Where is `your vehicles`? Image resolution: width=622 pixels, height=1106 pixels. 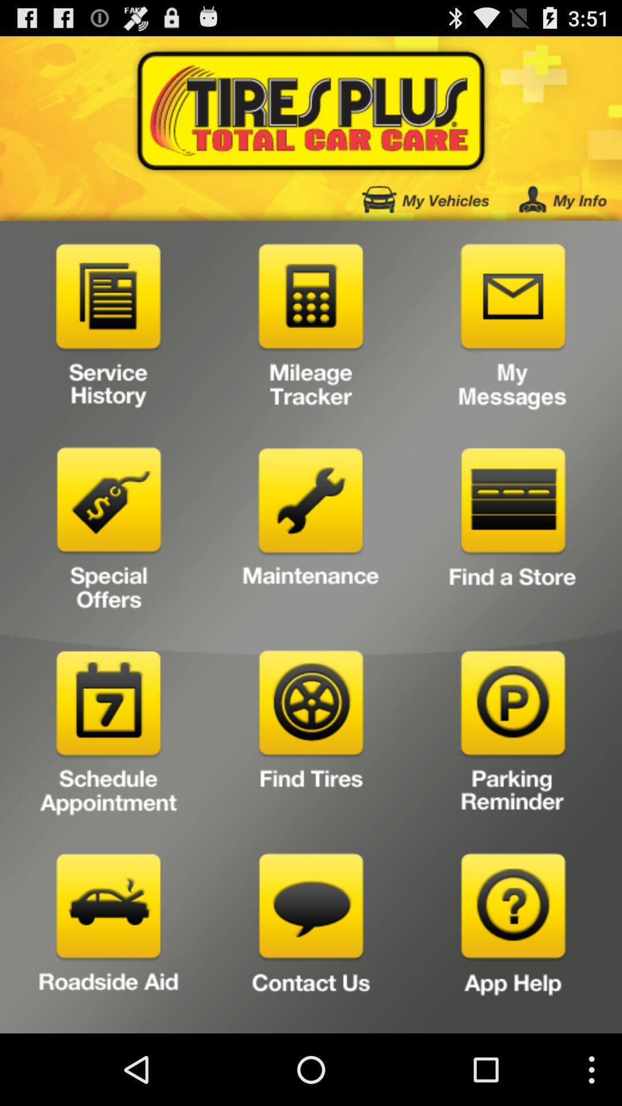
your vehicles is located at coordinates (425, 199).